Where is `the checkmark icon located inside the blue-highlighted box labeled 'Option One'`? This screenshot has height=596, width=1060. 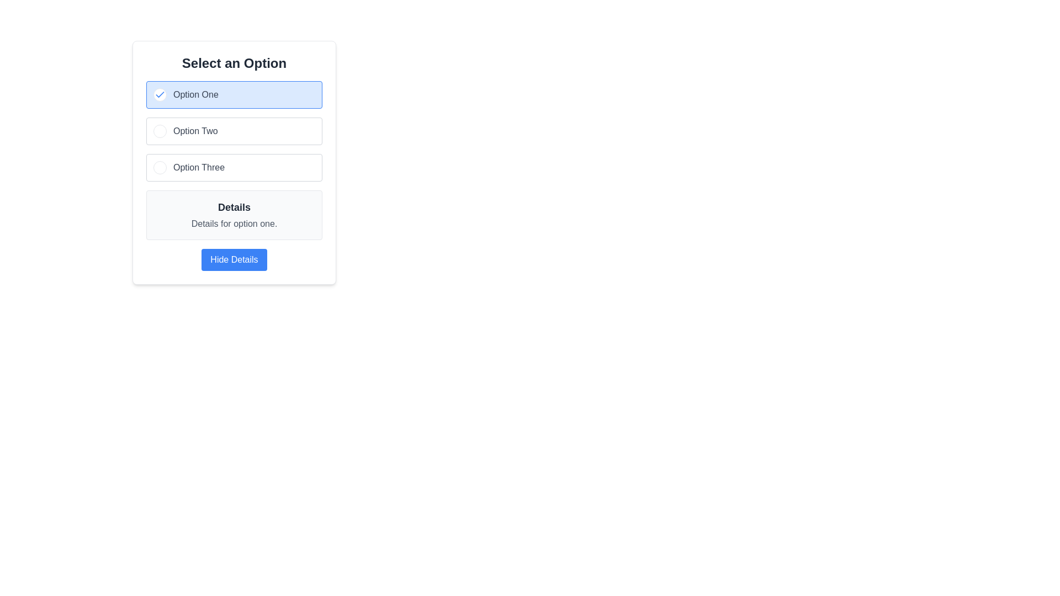 the checkmark icon located inside the blue-highlighted box labeled 'Option One' is located at coordinates (159, 93).